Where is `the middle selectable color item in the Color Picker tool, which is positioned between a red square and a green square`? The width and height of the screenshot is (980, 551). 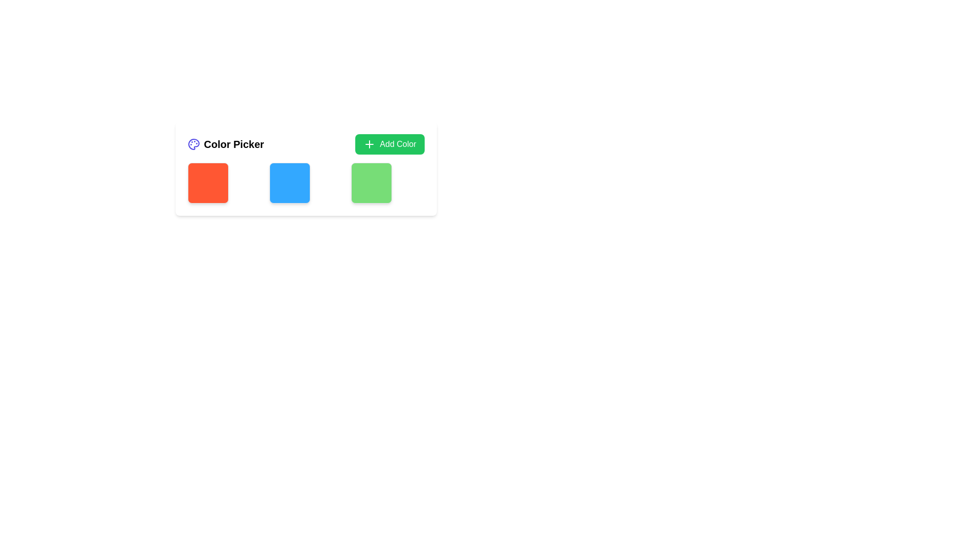
the middle selectable color item in the Color Picker tool, which is positioned between a red square and a green square is located at coordinates (289, 182).